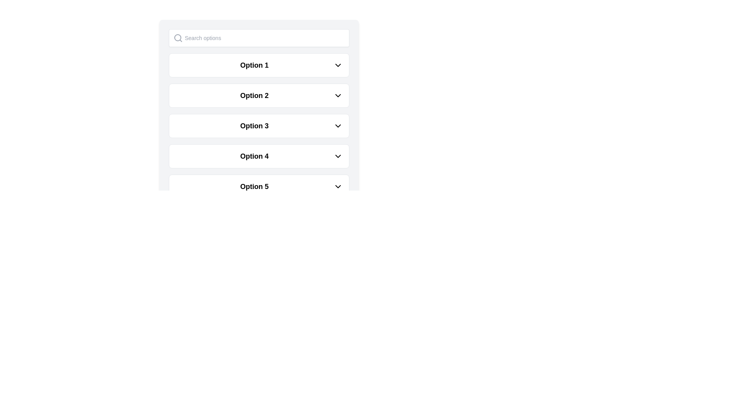 Image resolution: width=747 pixels, height=420 pixels. What do you see at coordinates (259, 186) in the screenshot?
I see `the fifth list item with text and an icon` at bounding box center [259, 186].